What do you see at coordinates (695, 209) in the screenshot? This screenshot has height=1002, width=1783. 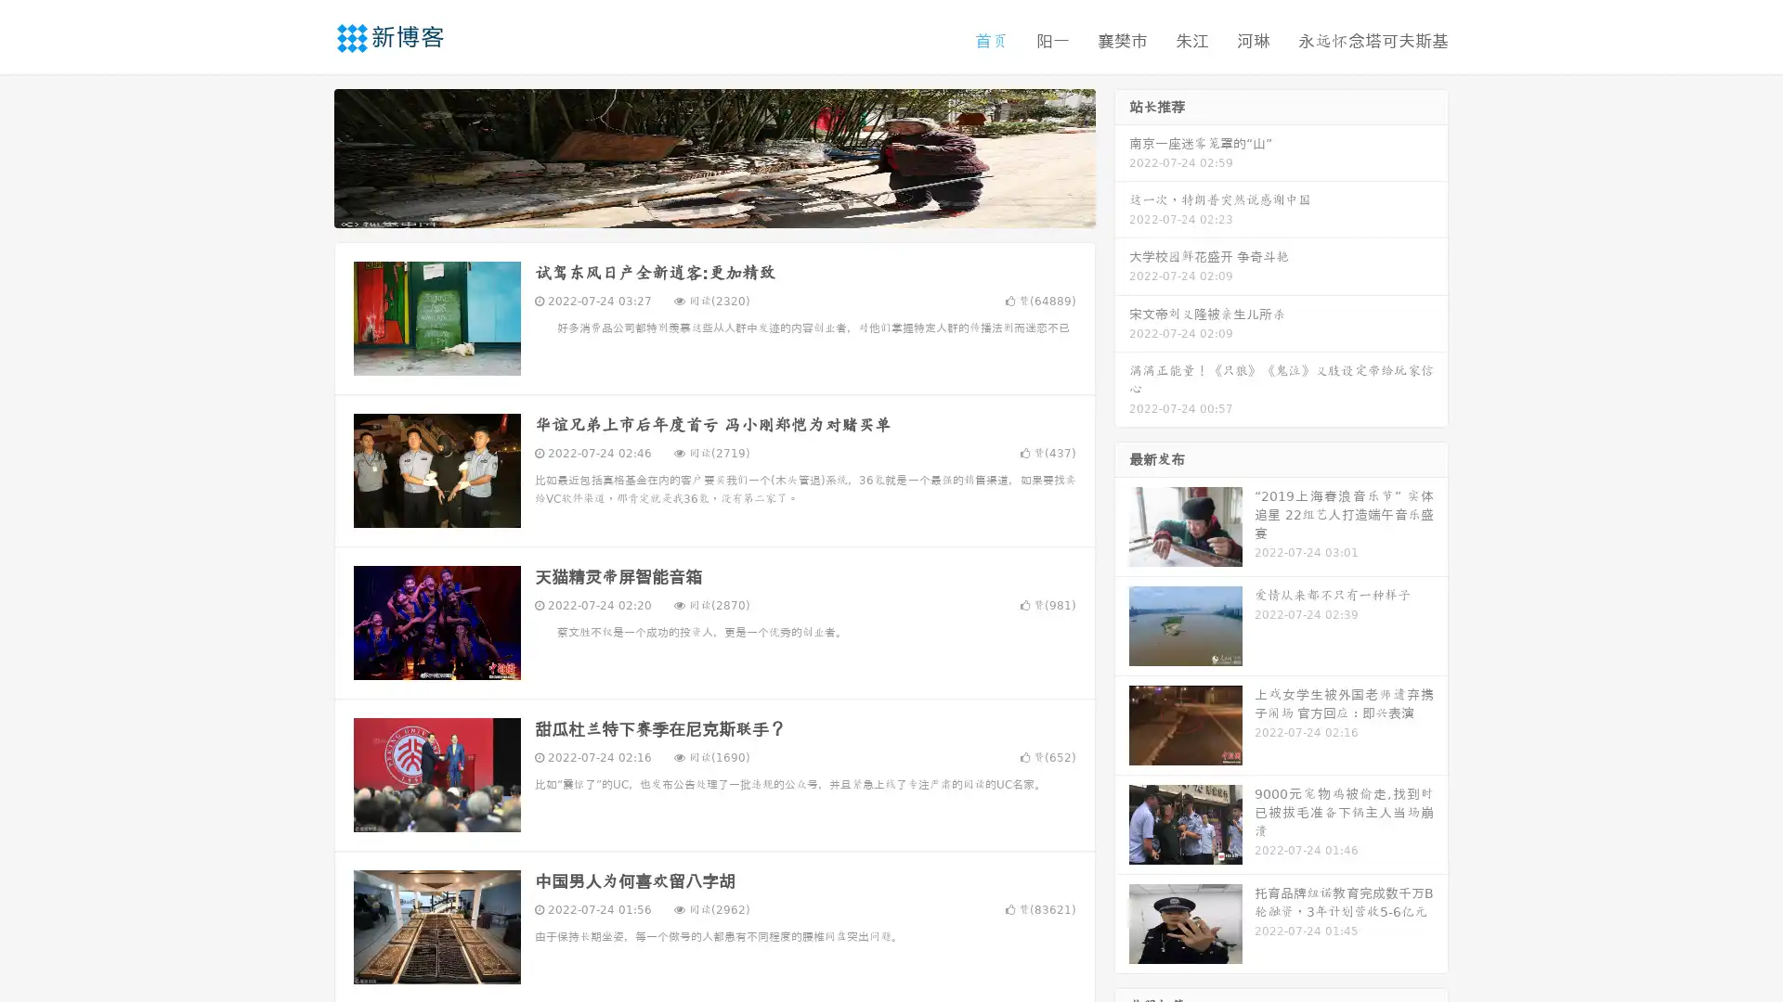 I see `Go to slide 1` at bounding box center [695, 209].